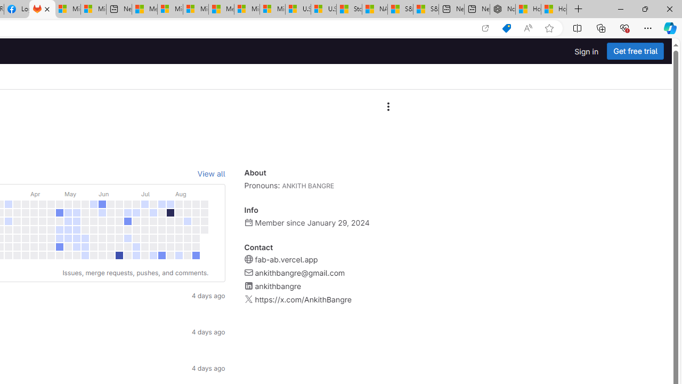 This screenshot has width=682, height=384. Describe the element at coordinates (670, 27) in the screenshot. I see `'Copilot (Ctrl+Shift+.)'` at that location.